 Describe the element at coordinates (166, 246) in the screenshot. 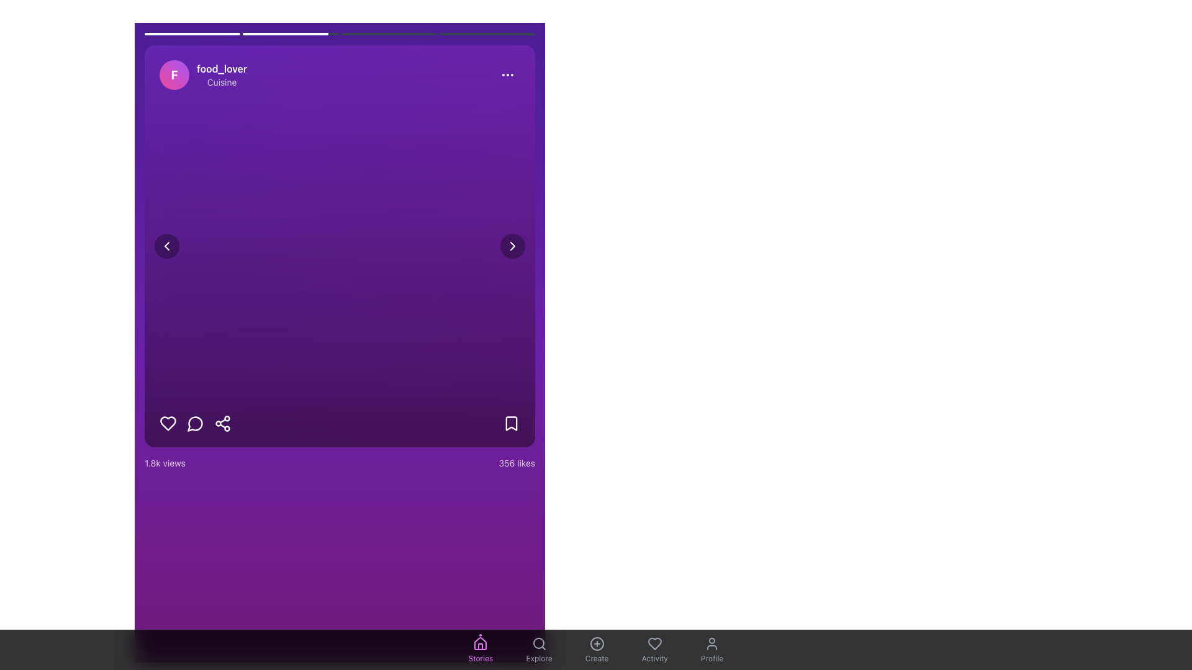

I see `the left navigation button that allows the user to navigate to the previous item in a carousel to trigger a background color change` at that location.